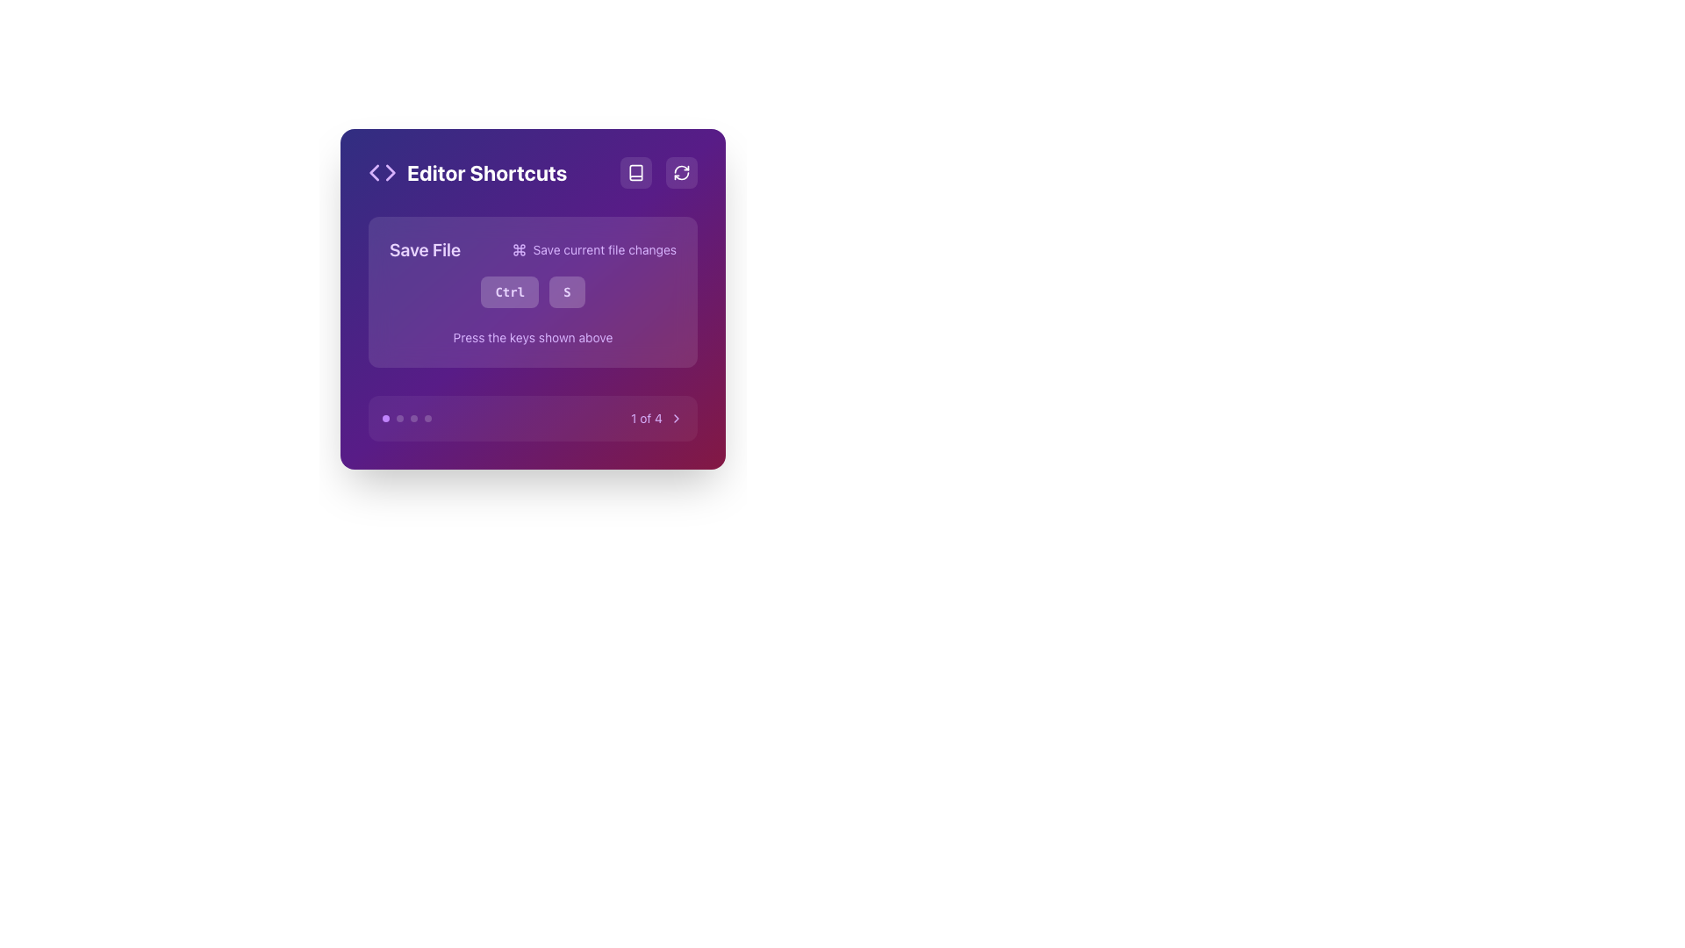 The height and width of the screenshot is (948, 1685). What do you see at coordinates (605, 250) in the screenshot?
I see `the text label displaying 'Save current file changes' in a purple color scheme, located in the 'Editor Shortcuts' interface` at bounding box center [605, 250].